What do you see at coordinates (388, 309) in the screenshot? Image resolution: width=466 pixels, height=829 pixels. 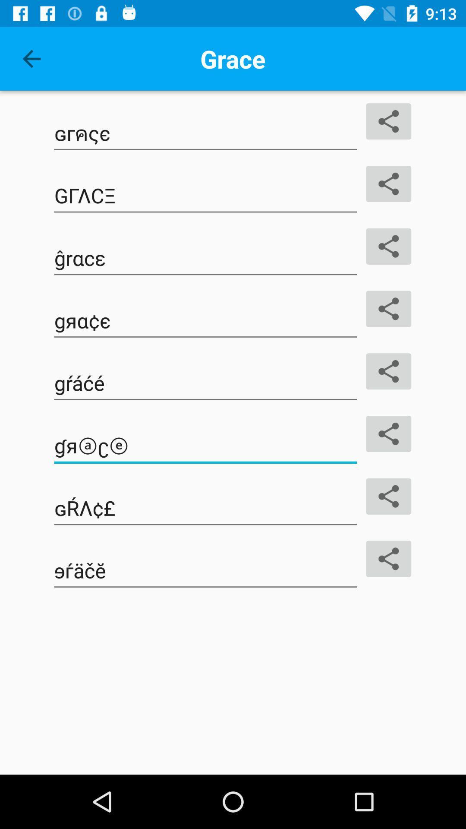 I see `the share icon` at bounding box center [388, 309].